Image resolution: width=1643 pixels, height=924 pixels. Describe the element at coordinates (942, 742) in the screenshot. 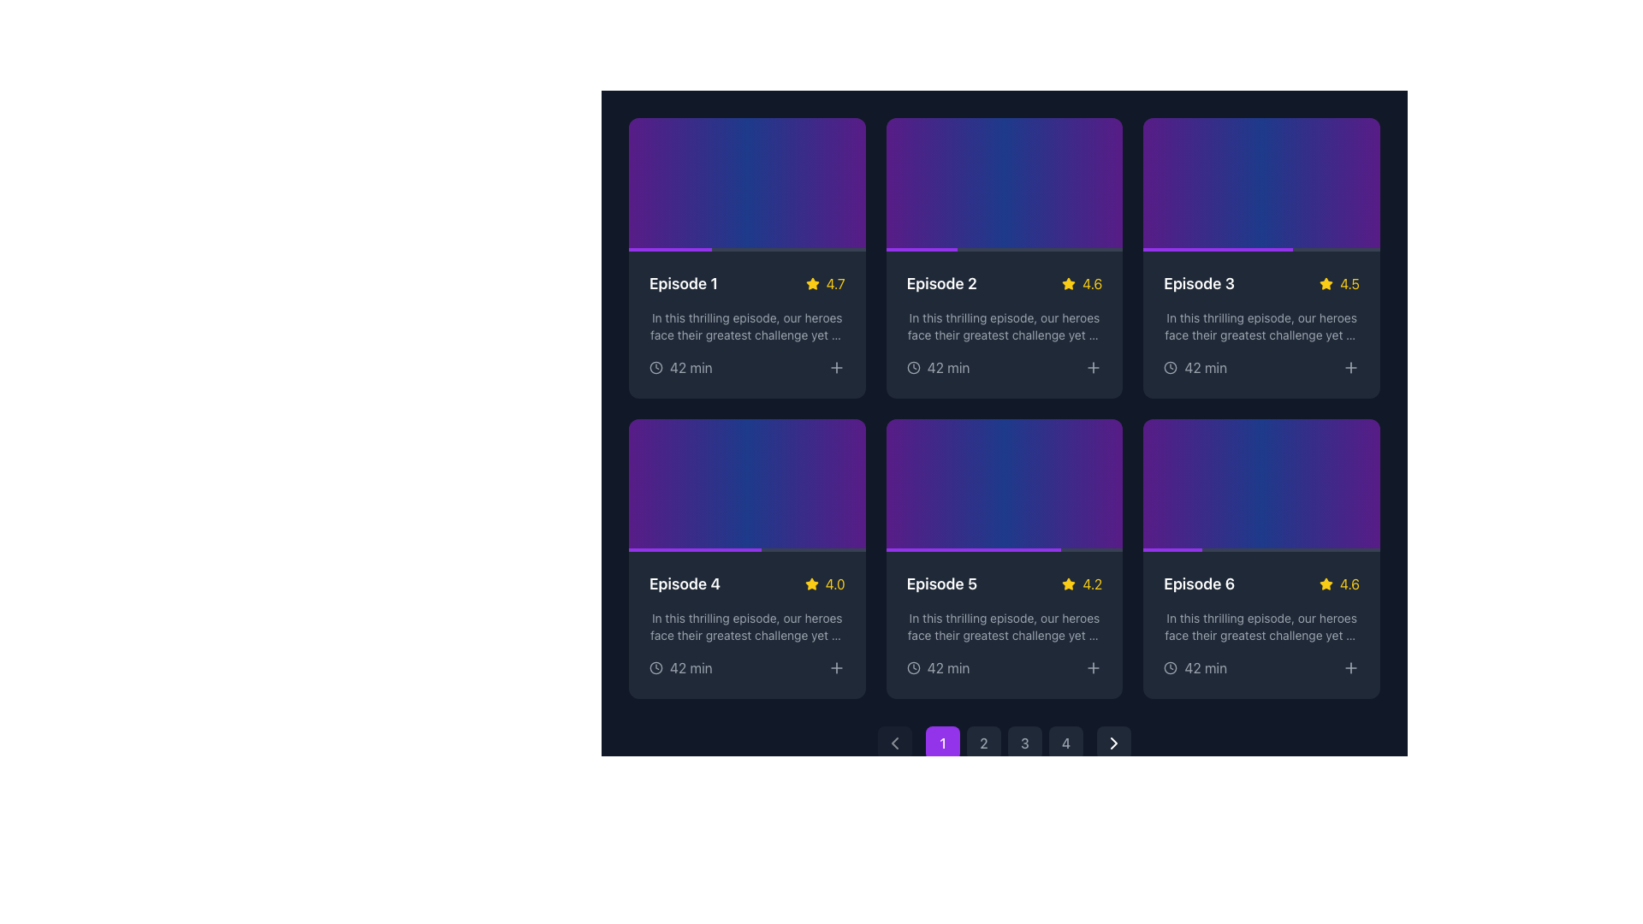

I see `the first navigation button, which allows users to jump to the first set of content items in the pagination system` at that location.